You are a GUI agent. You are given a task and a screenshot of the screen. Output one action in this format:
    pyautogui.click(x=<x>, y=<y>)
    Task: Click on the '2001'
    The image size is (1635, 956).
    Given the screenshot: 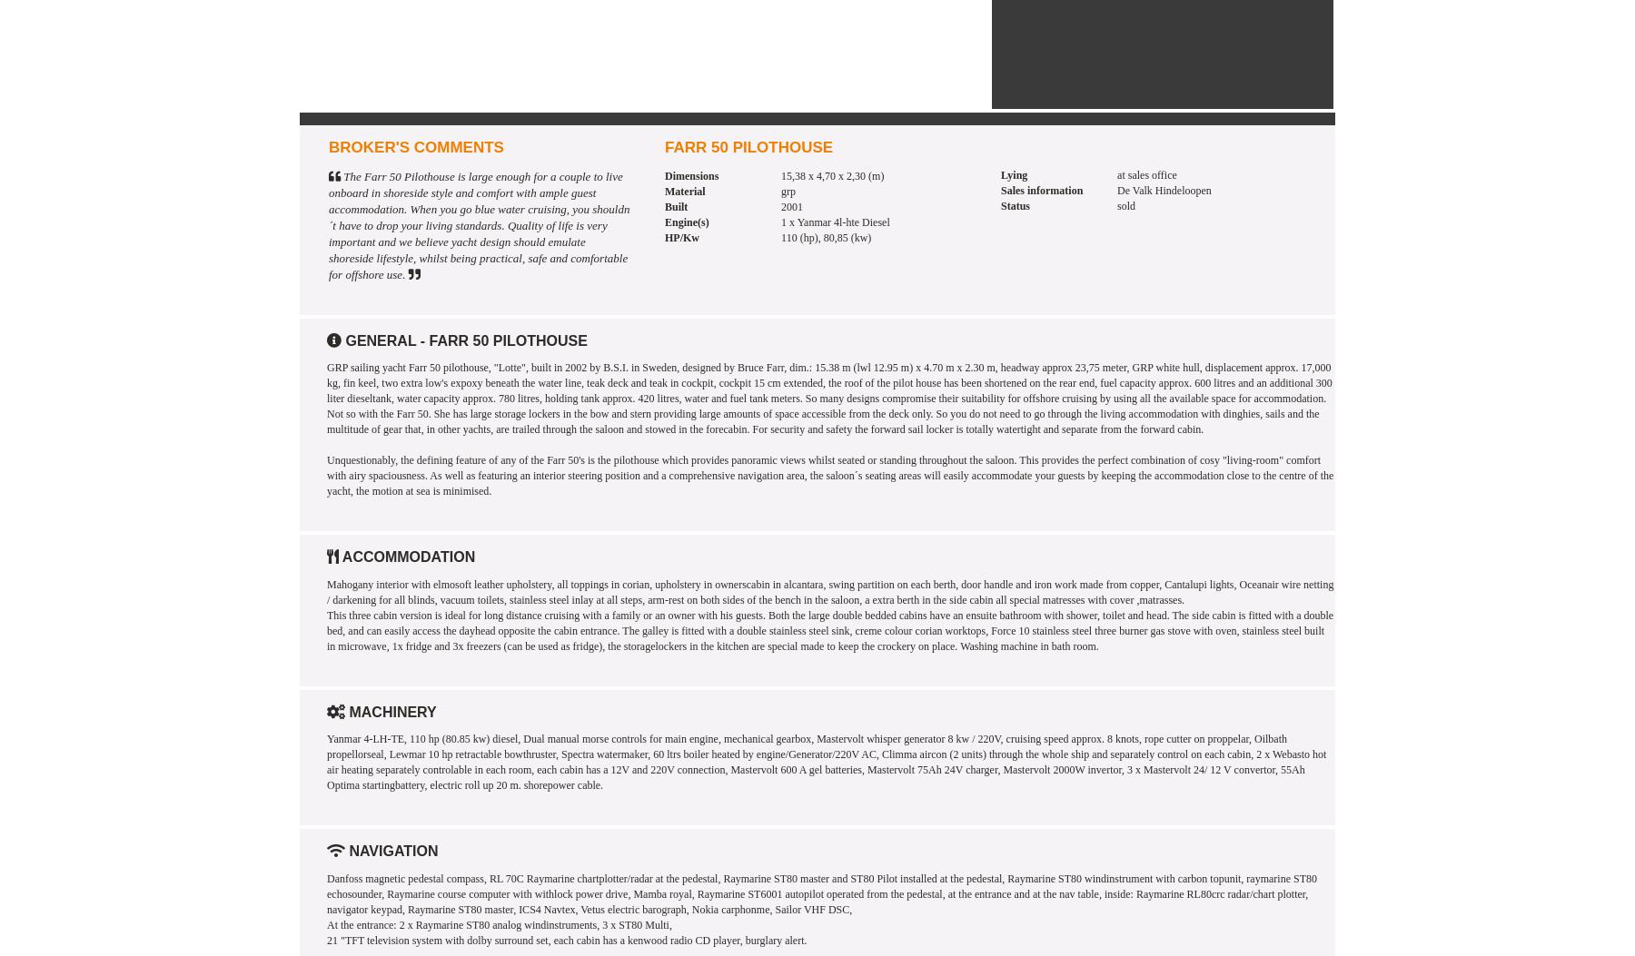 What is the action you would take?
    pyautogui.click(x=791, y=206)
    